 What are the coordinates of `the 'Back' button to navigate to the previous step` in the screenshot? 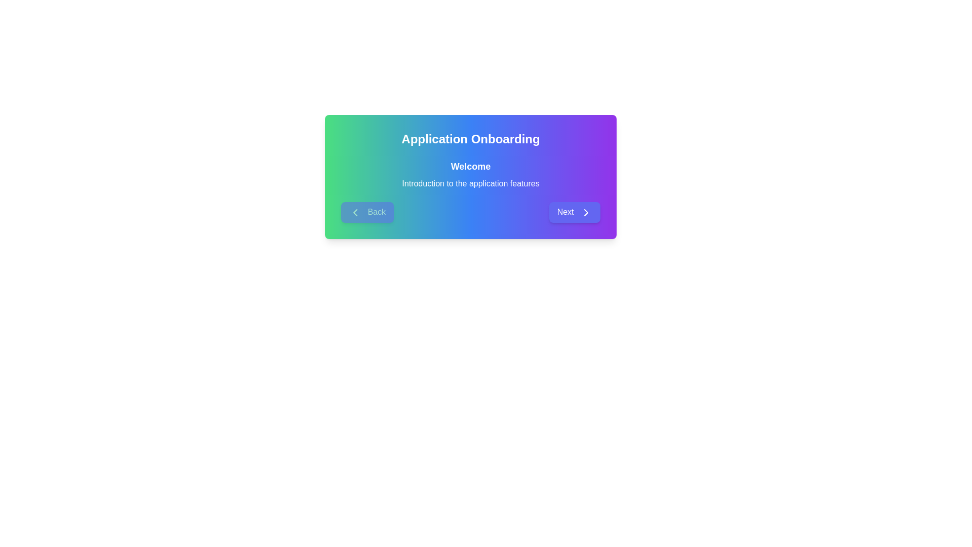 It's located at (367, 212).